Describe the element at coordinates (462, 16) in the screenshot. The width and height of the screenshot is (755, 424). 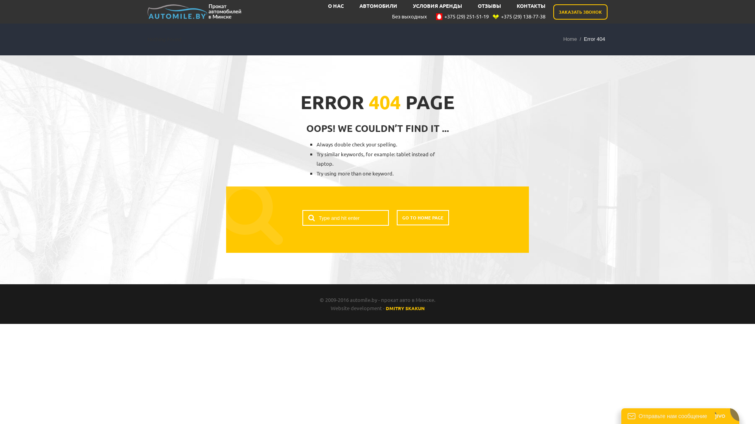
I see `'+375 (29) 251-51-19'` at that location.